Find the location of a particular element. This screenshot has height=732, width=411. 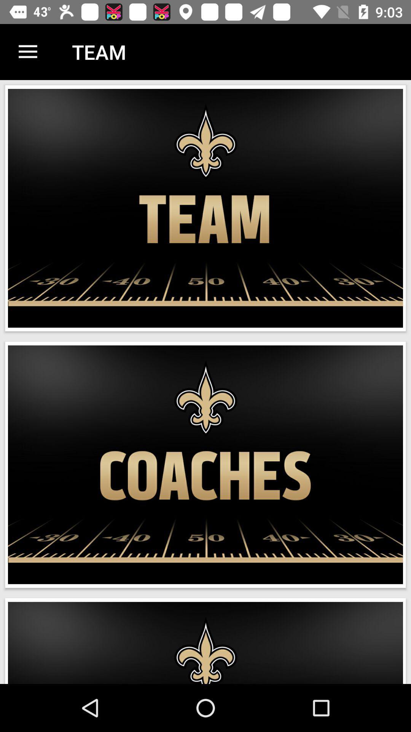

icon to the left of team icon is located at coordinates (27, 51).